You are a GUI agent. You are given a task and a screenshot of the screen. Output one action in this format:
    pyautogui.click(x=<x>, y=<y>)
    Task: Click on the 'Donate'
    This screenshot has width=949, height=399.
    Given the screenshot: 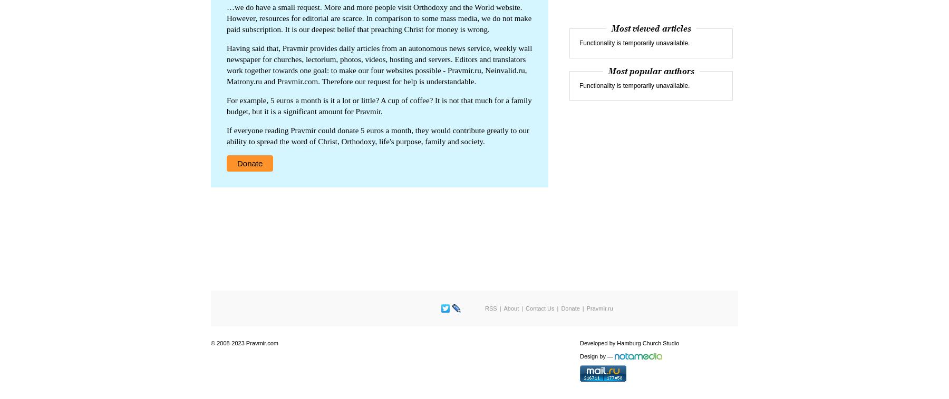 What is the action you would take?
    pyautogui.click(x=237, y=163)
    